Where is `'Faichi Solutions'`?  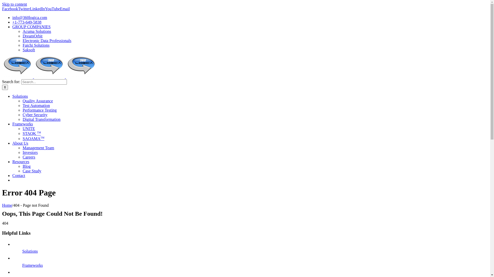
'Faichi Solutions' is located at coordinates (36, 45).